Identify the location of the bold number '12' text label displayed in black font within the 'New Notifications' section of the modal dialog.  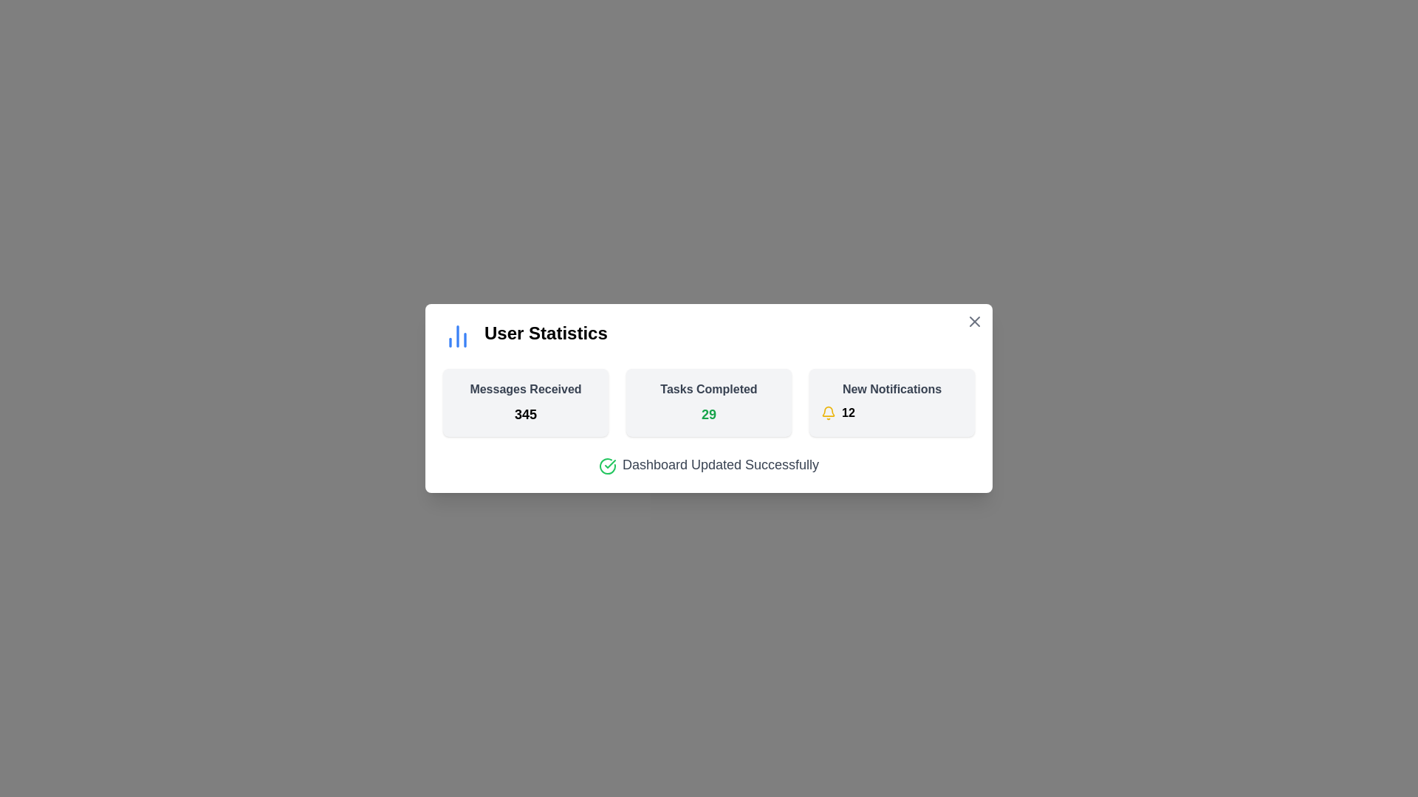
(848, 413).